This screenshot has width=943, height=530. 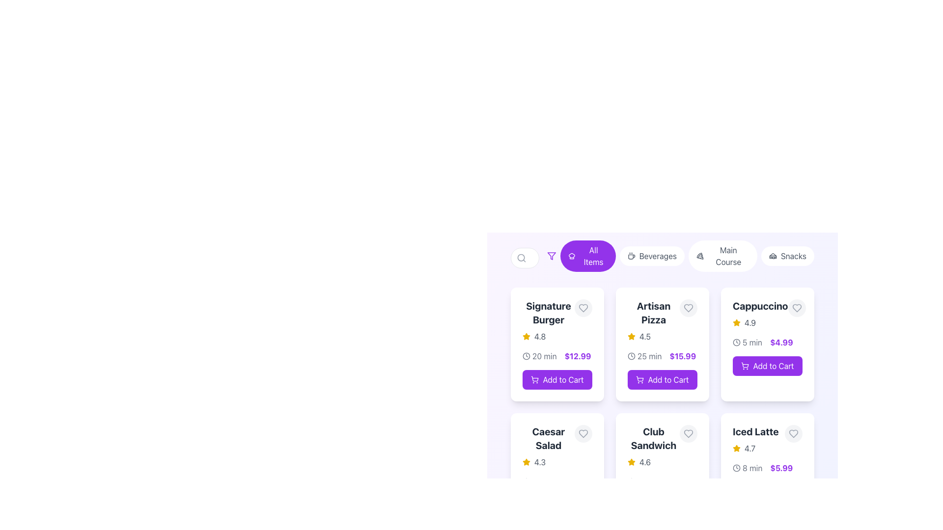 I want to click on the chef's hat icon with a purple background located within the 'All Items' toggle option to interact with the category, so click(x=572, y=255).